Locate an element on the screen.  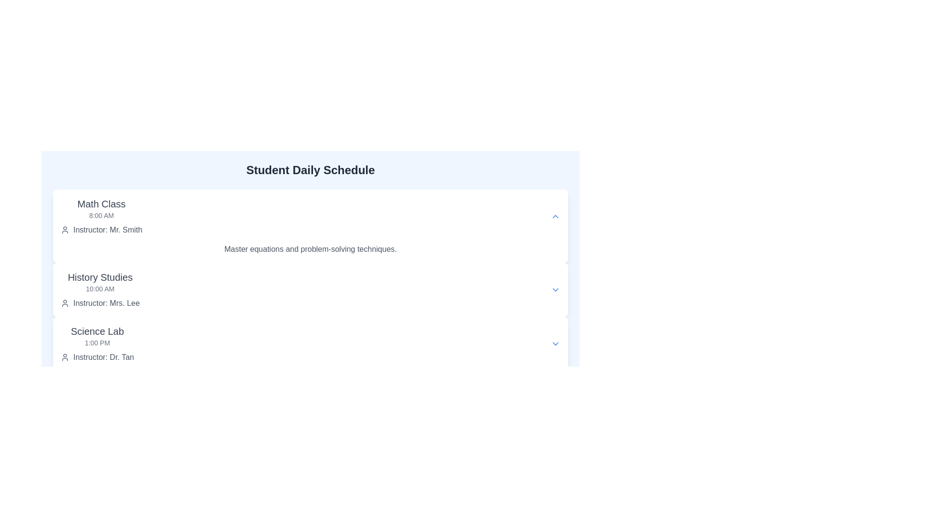
the text label 'Instructor: Dr. Tan' styled in gray font, located in the Science Lab section of the class schedule, situated to the right of the user icon and below the '1:00 PM' time indication is located at coordinates (104, 357).